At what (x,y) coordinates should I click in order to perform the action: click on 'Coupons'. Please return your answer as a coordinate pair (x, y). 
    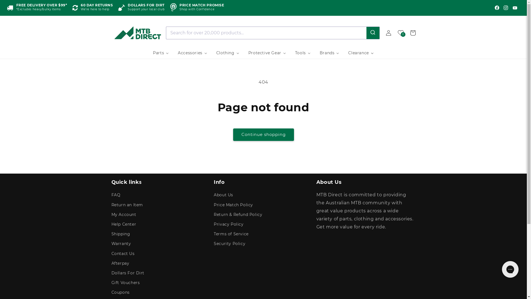
    Looking at the image, I should click on (120, 292).